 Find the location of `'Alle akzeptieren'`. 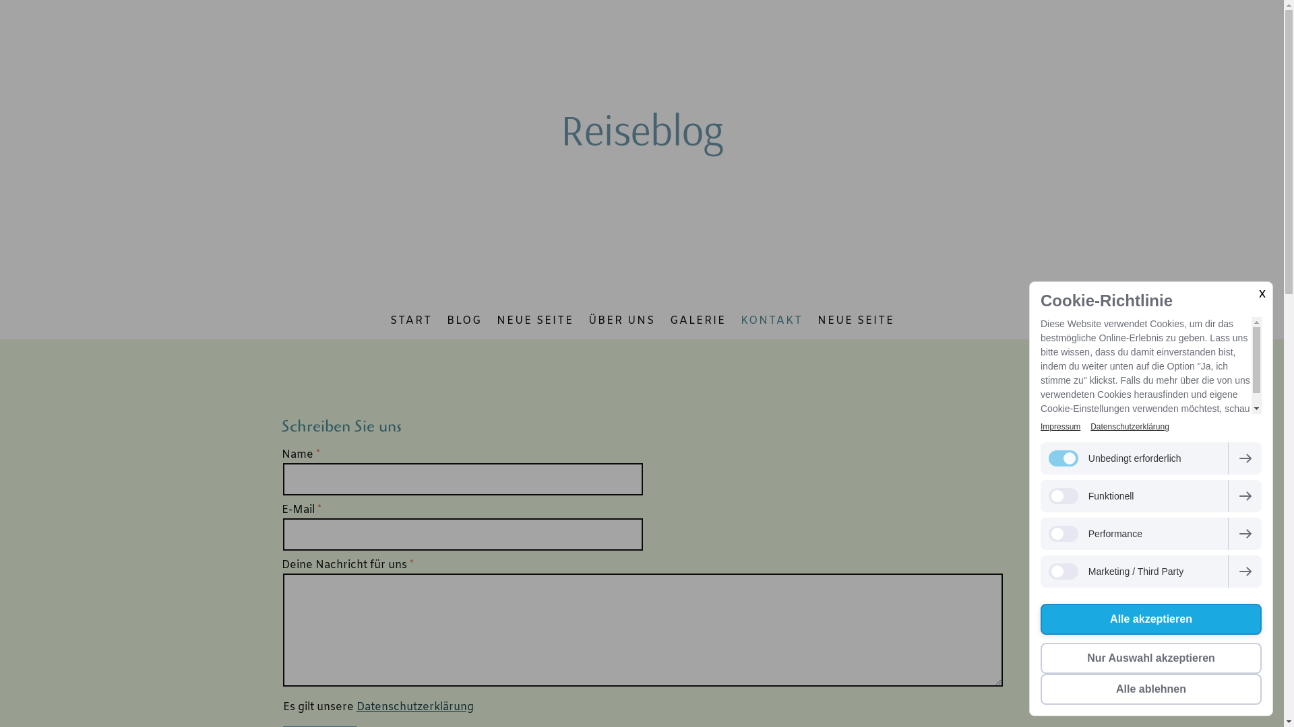

'Alle akzeptieren' is located at coordinates (1150, 619).